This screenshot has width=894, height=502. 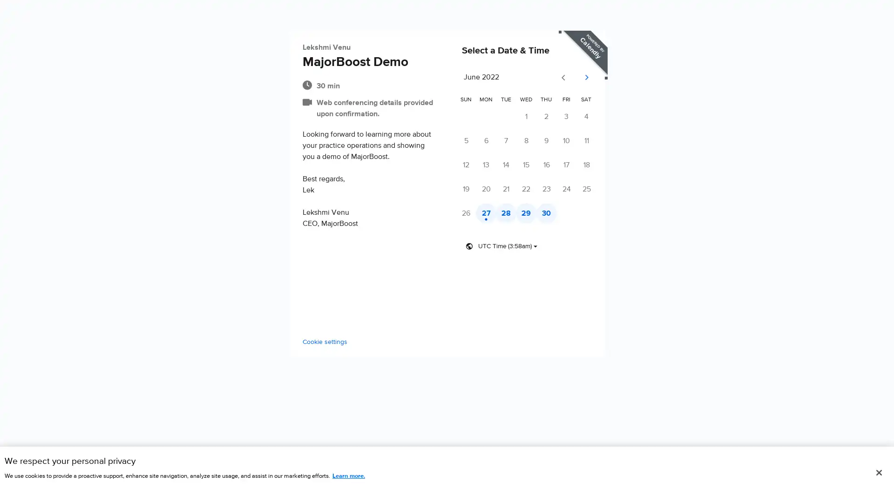 What do you see at coordinates (491, 213) in the screenshot?
I see `Monday, June 27 - Times available` at bounding box center [491, 213].